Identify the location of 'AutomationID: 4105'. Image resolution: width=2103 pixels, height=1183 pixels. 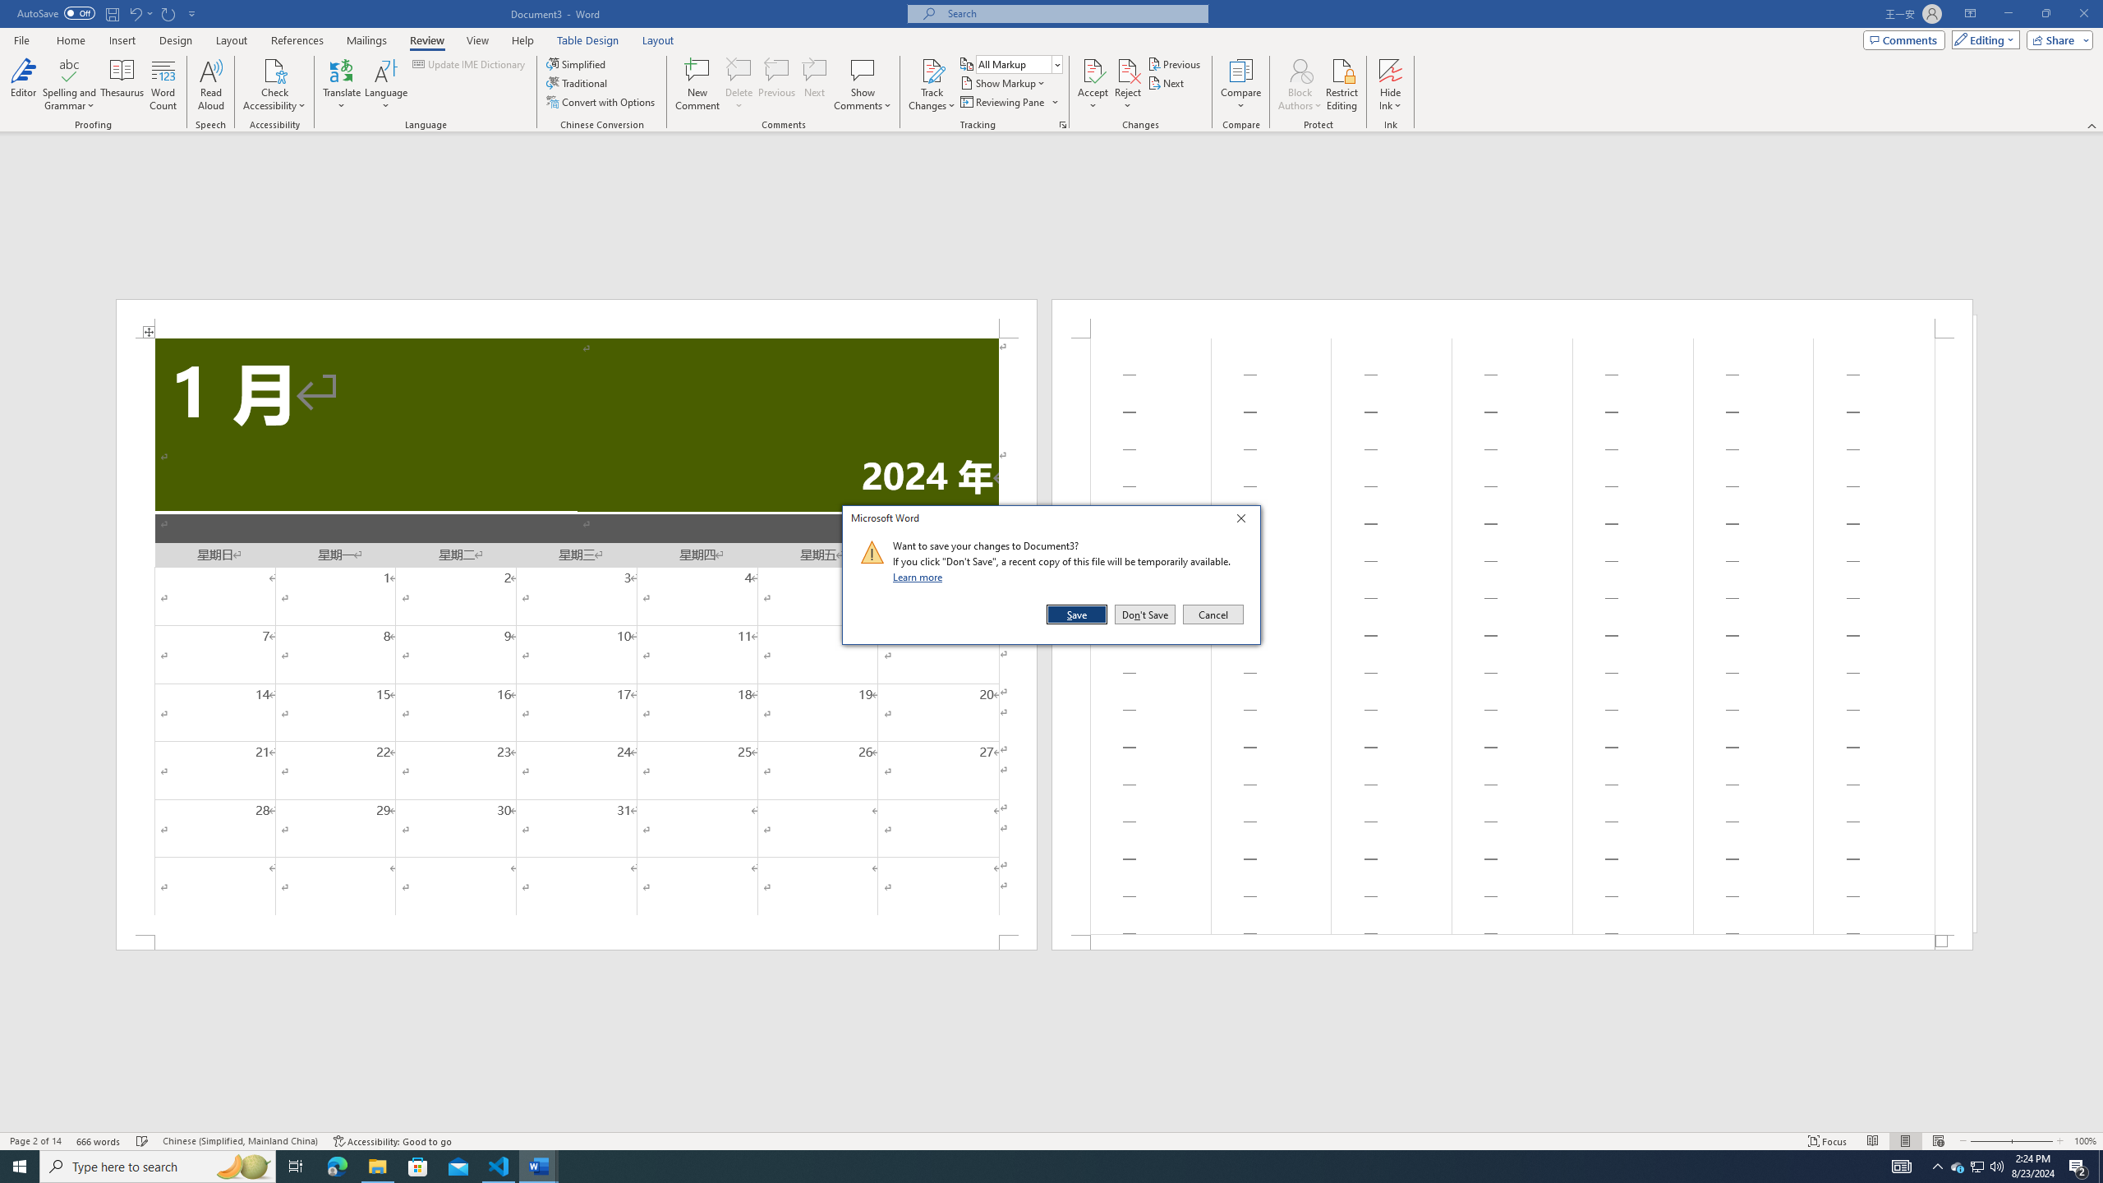
(1902, 1165).